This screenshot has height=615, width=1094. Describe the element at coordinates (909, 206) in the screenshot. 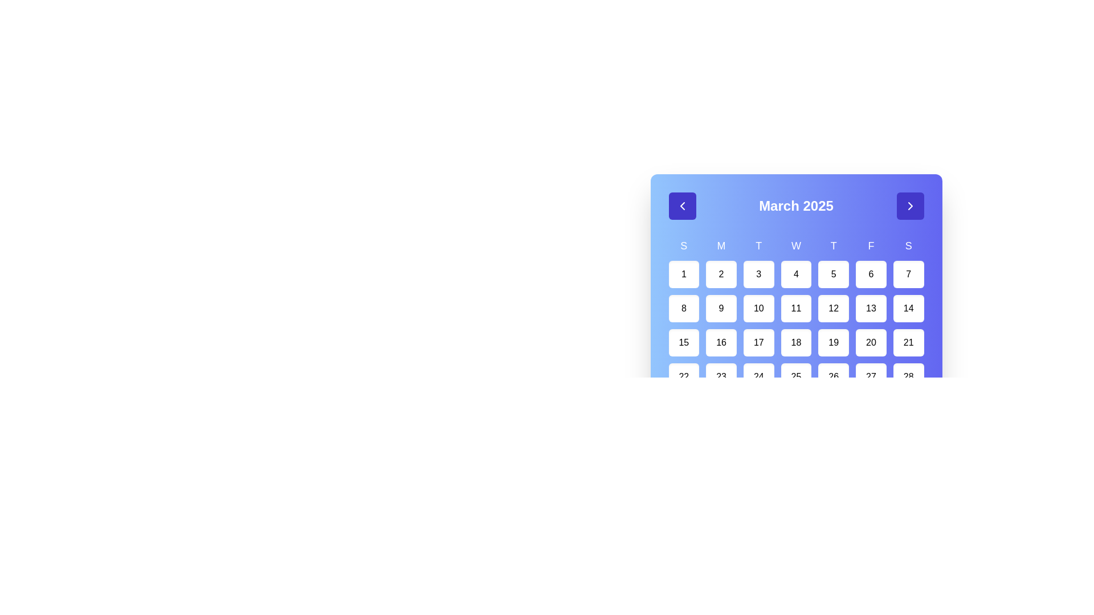

I see `the rounded rectangular button with a deep indigo background and a white arrow icon, located in the top-right corner of the calendar interface` at that location.